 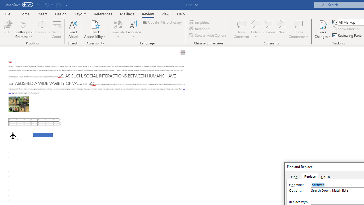 What do you see at coordinates (298, 29) in the screenshot?
I see `'Show Comments'` at bounding box center [298, 29].